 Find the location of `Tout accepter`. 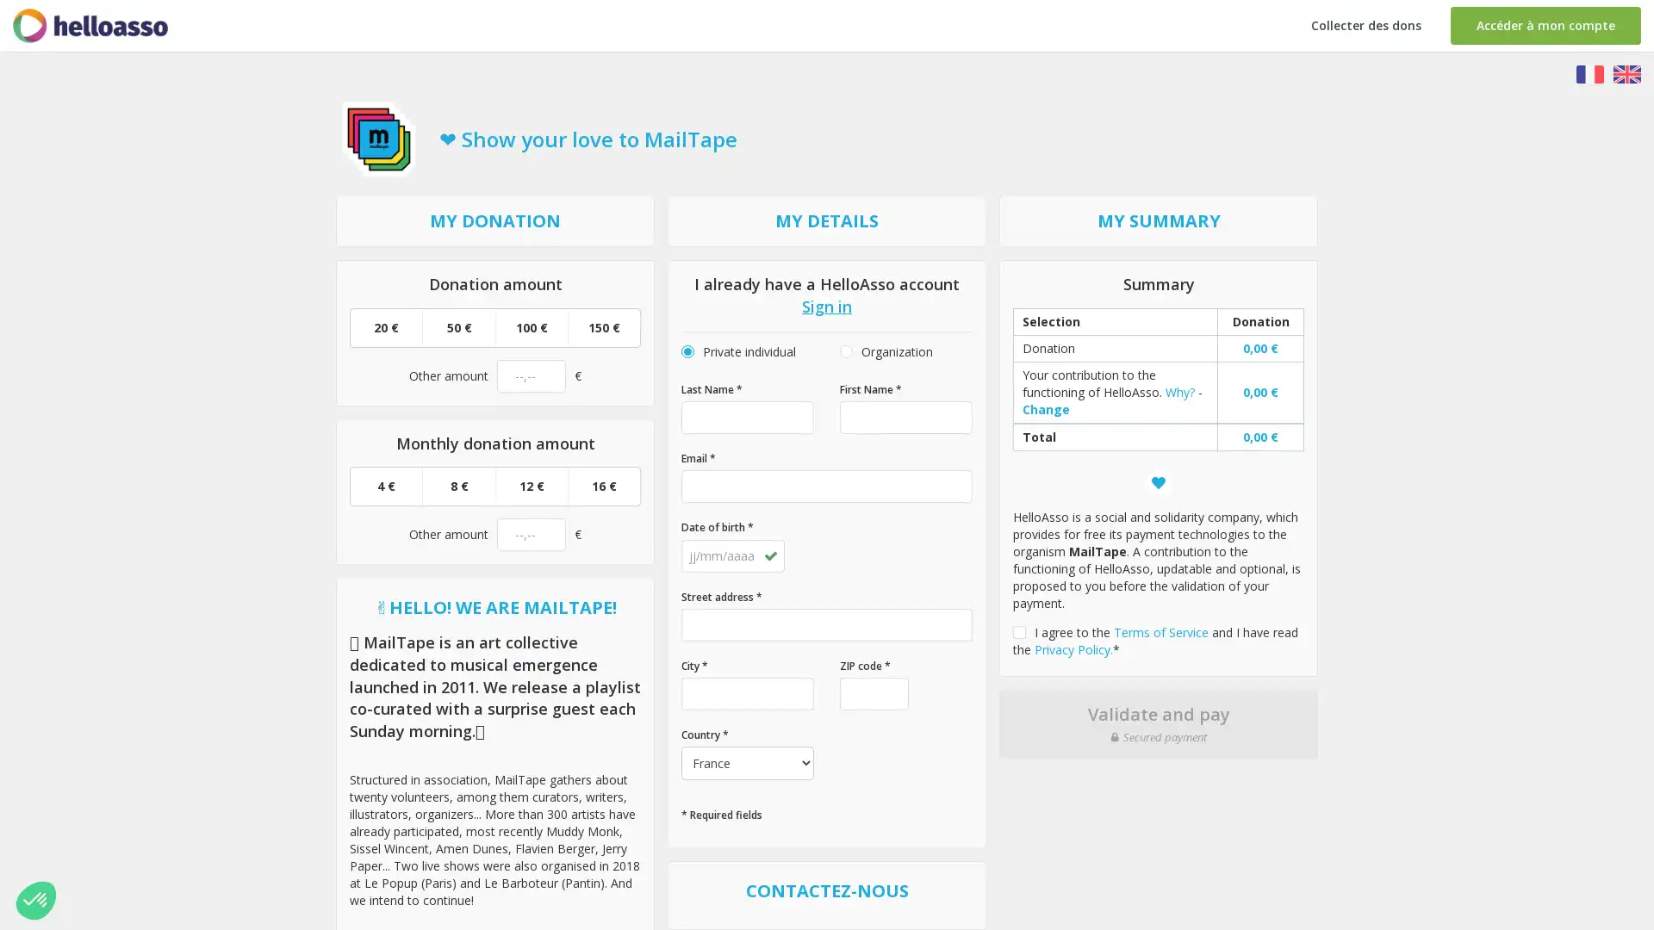

Tout accepter is located at coordinates (318, 842).